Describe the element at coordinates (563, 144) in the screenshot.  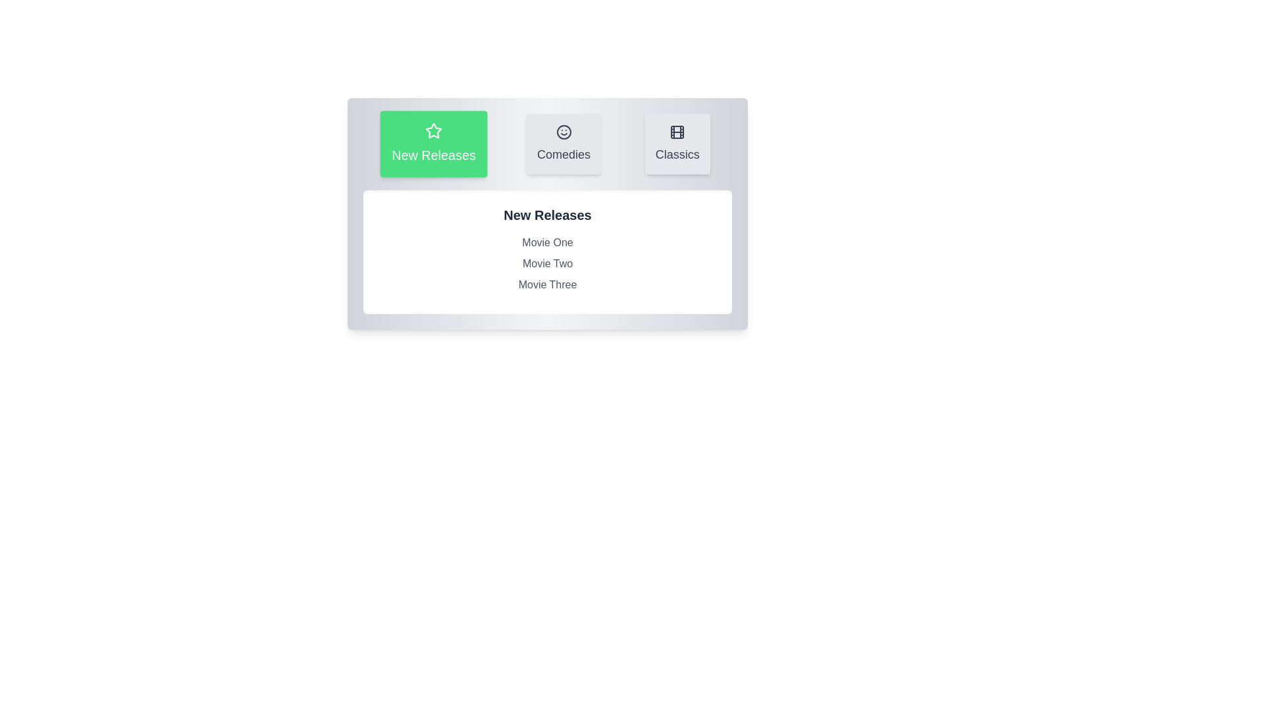
I see `the Comedies tab to observe its visual changes` at that location.